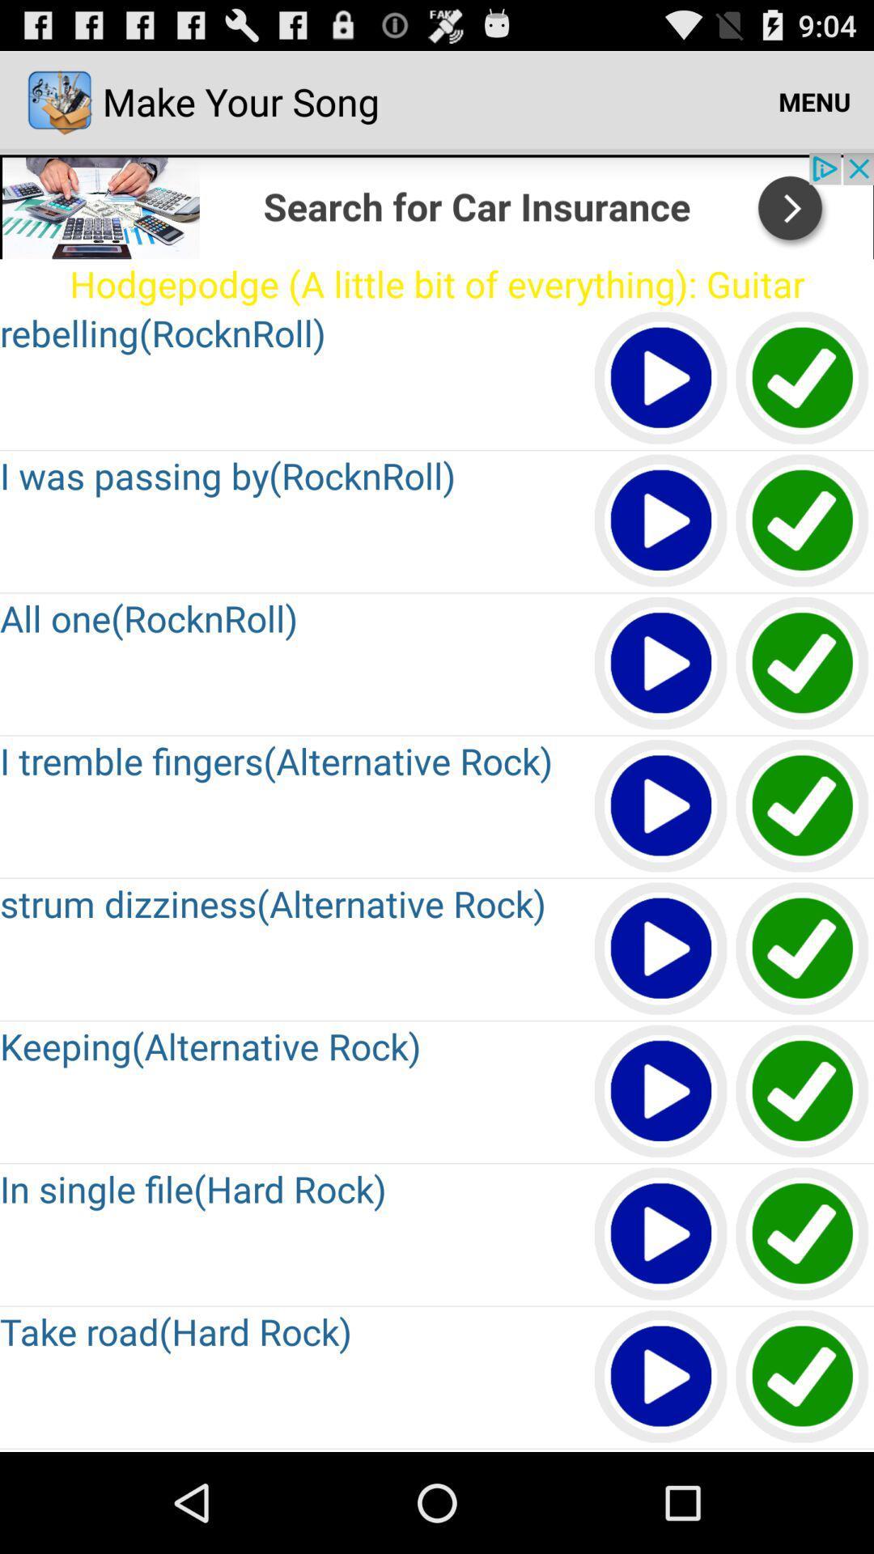  What do you see at coordinates (803, 1450) in the screenshot?
I see `song` at bounding box center [803, 1450].